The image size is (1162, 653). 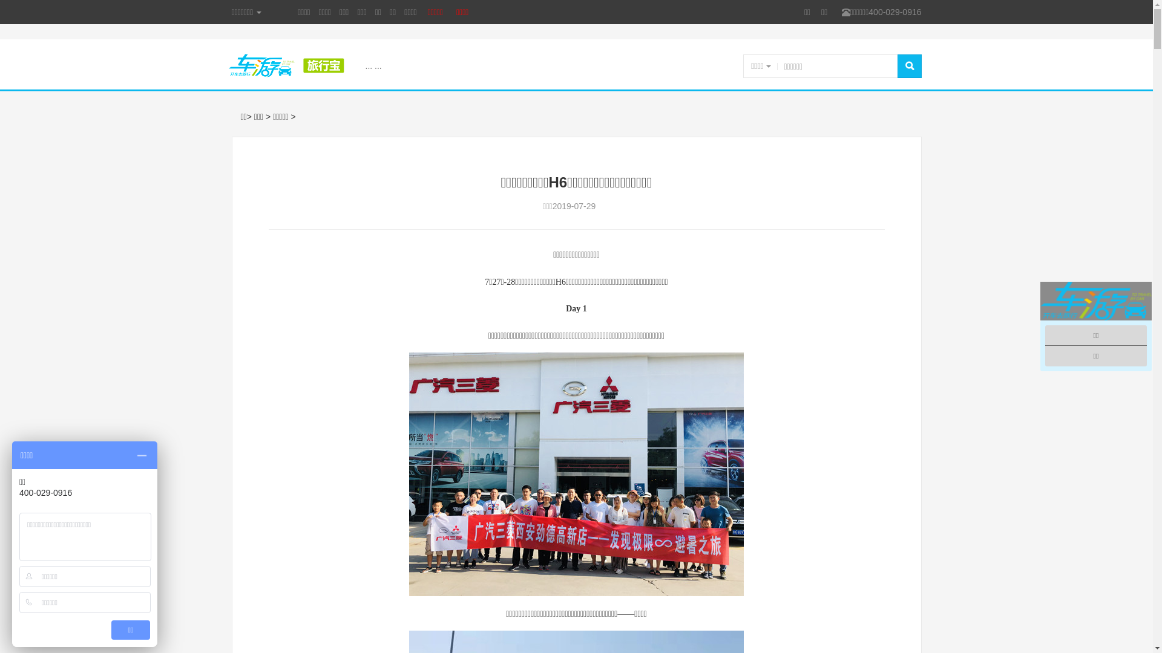 I want to click on '1564369330981738.jpg', so click(x=576, y=473).